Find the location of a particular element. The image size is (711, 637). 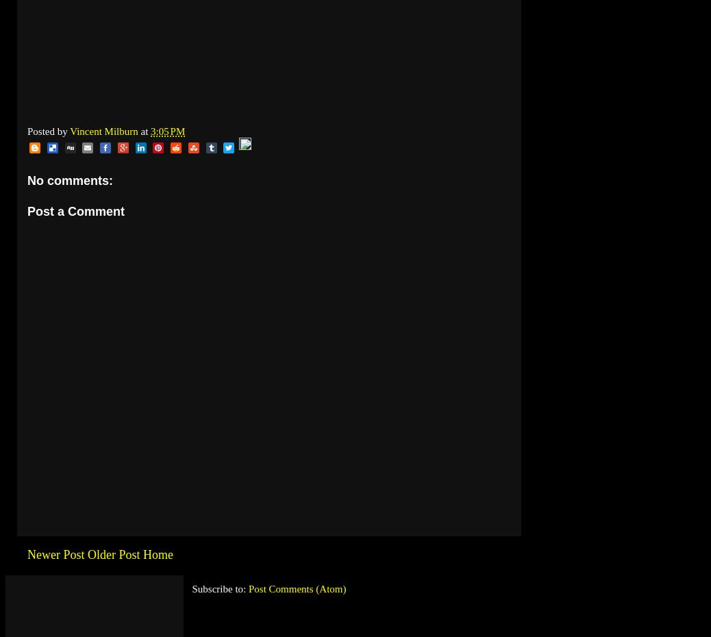

'Newer Post' is located at coordinates (55, 554).